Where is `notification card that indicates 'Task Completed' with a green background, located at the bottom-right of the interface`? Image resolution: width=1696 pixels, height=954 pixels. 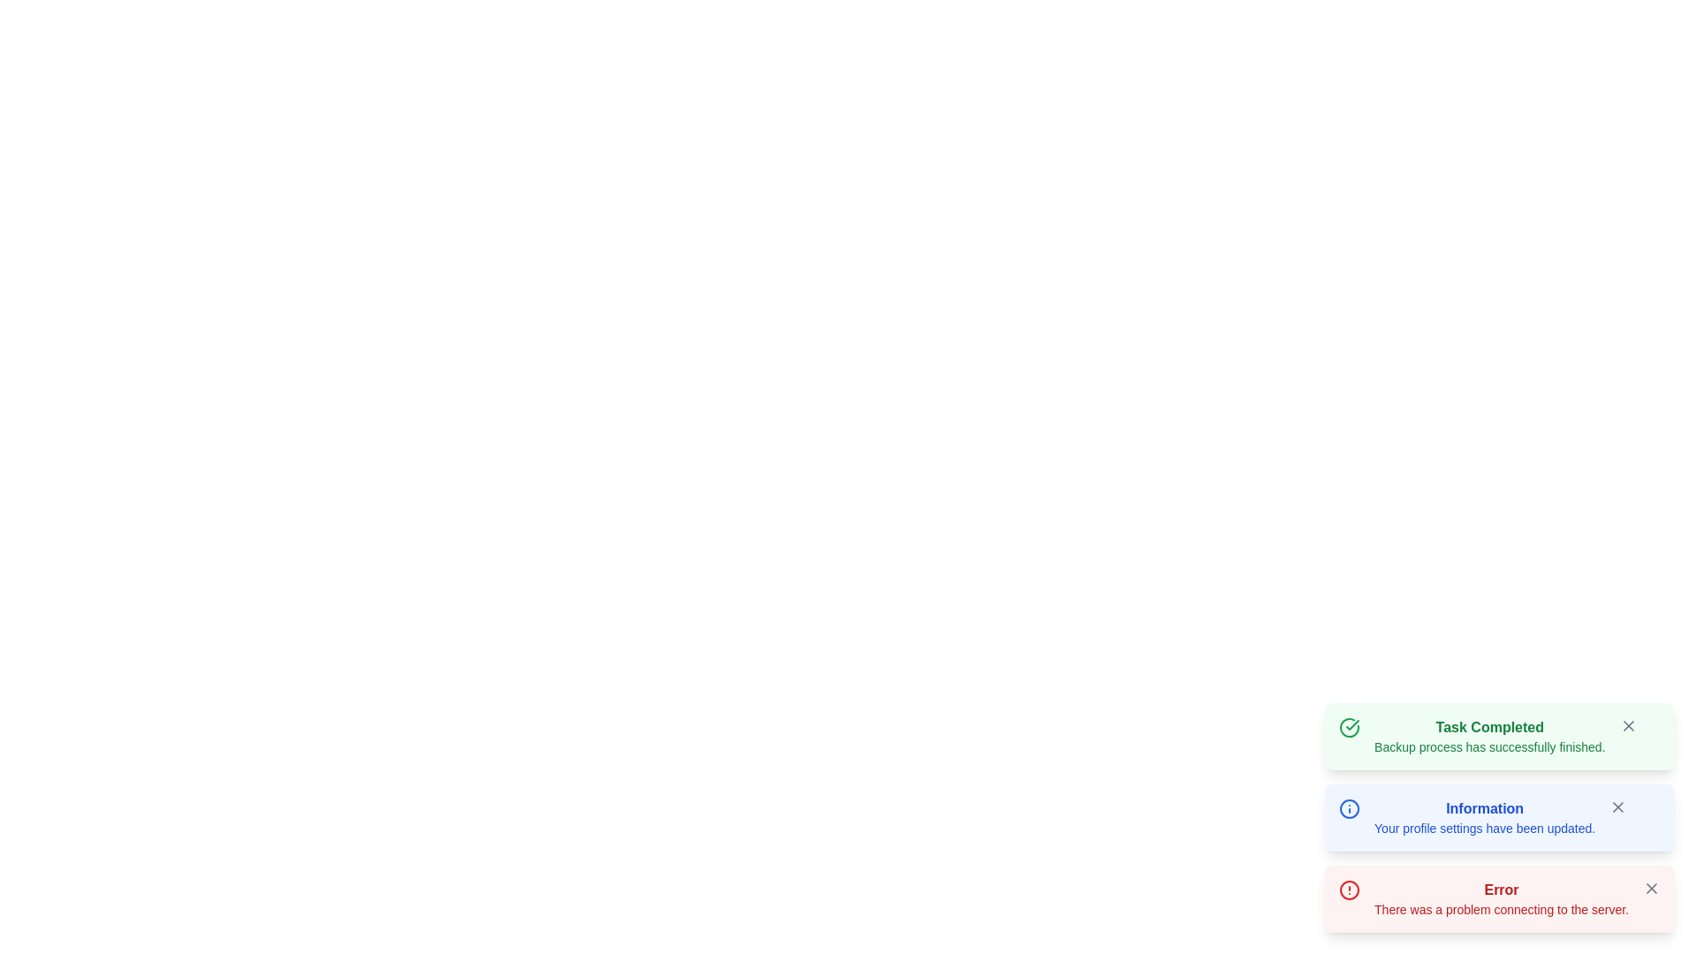 notification card that indicates 'Task Completed' with a green background, located at the bottom-right of the interface is located at coordinates (1499, 736).